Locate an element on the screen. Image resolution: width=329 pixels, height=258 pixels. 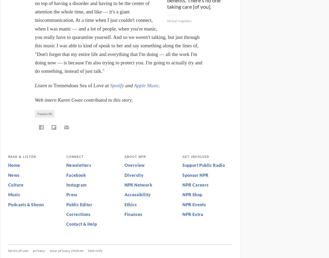
'NPR Events' is located at coordinates (182, 204).